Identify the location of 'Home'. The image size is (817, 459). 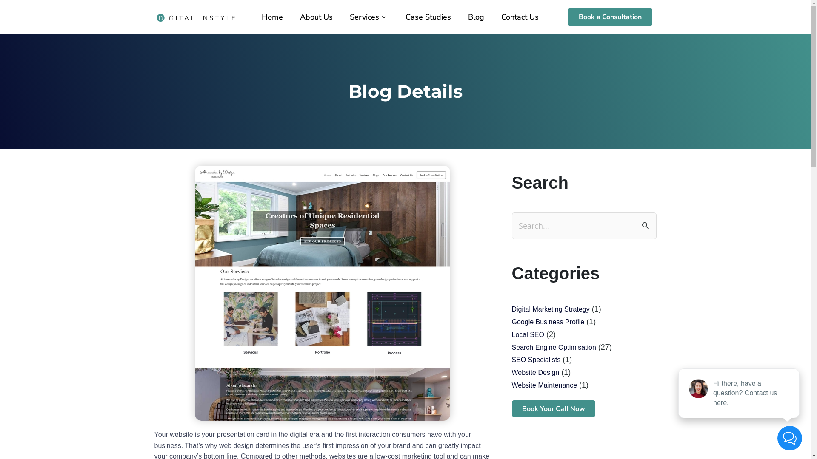
(271, 17).